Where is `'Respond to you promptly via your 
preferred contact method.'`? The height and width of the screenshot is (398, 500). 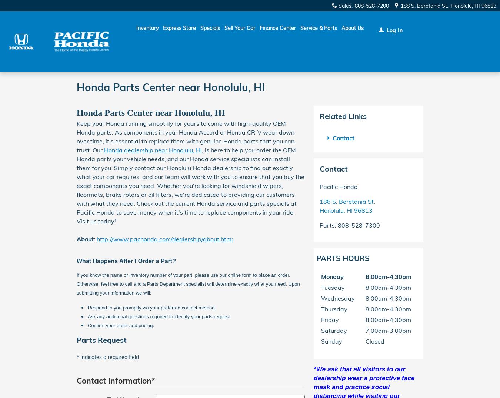 'Respond to you promptly via your 
preferred contact method.' is located at coordinates (151, 307).